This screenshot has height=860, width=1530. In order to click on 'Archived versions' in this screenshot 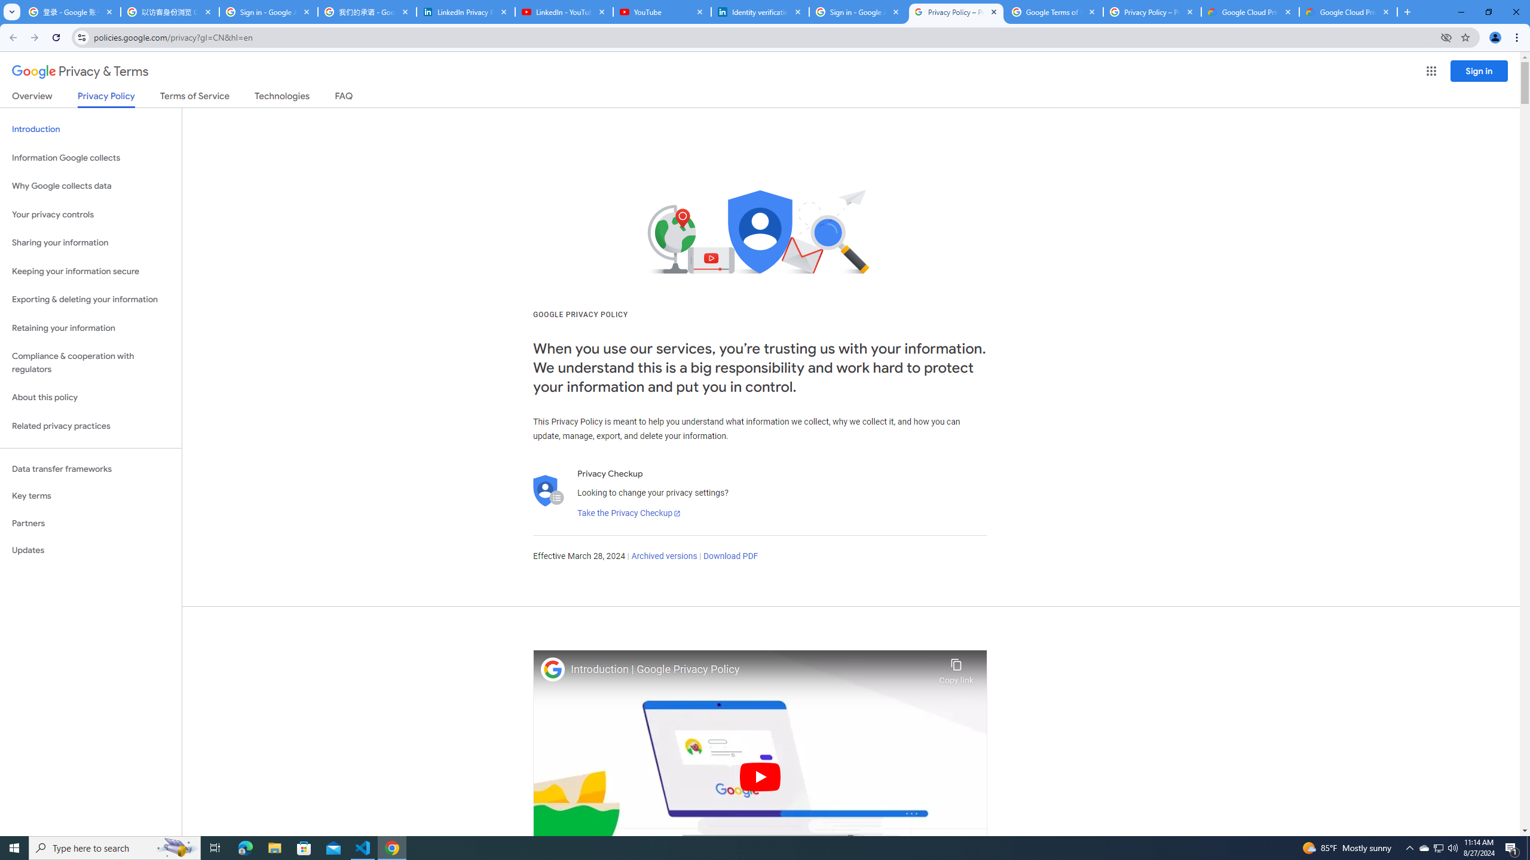, I will do `click(663, 555)`.